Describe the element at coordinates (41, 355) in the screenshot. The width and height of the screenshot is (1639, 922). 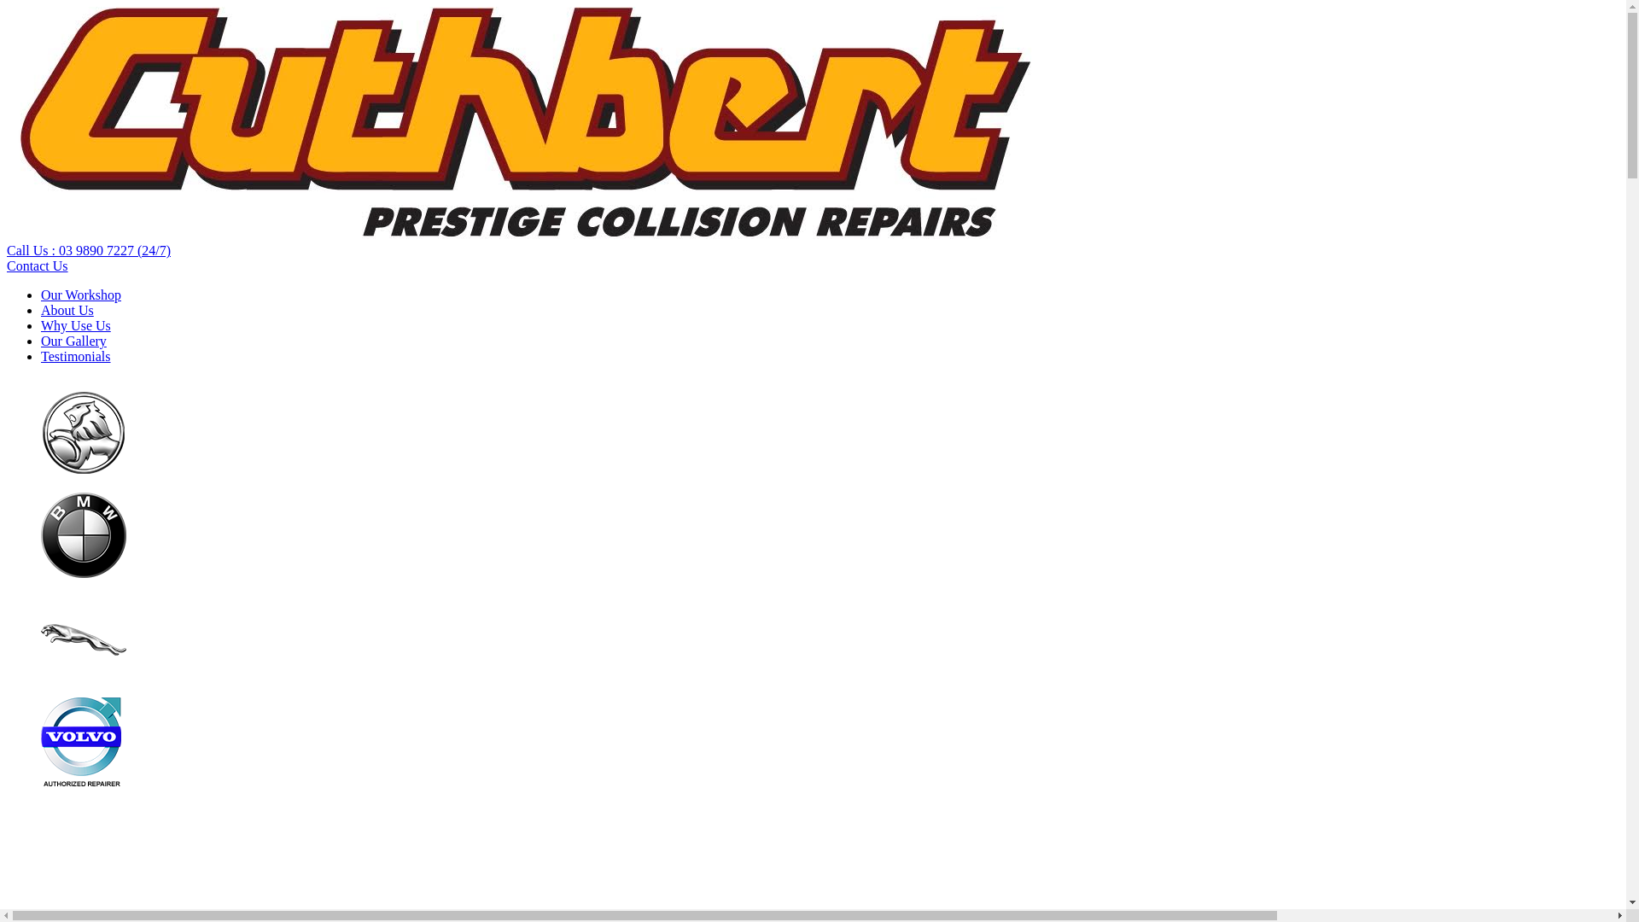
I see `'Testimonials'` at that location.